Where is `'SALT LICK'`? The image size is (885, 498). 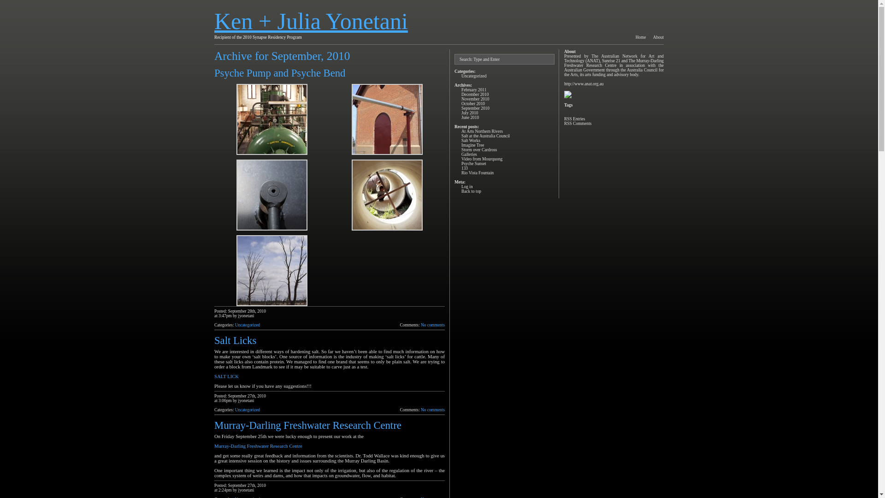
'SALT LICK' is located at coordinates (226, 376).